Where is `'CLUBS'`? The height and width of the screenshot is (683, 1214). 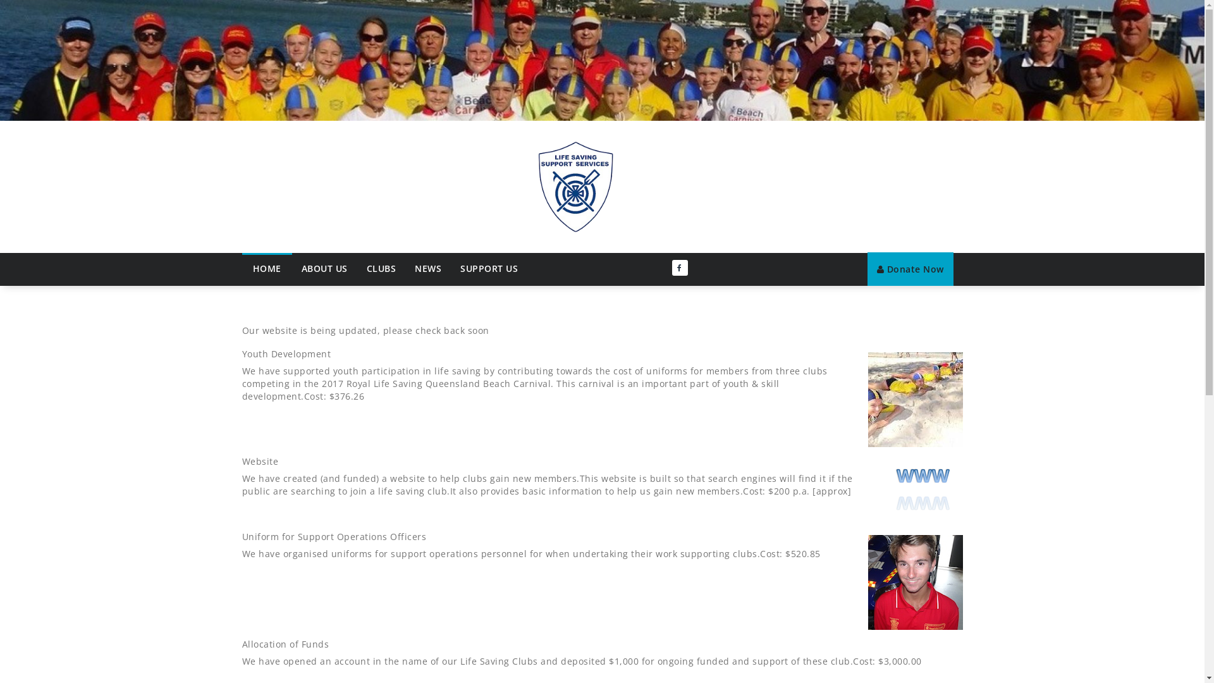 'CLUBS' is located at coordinates (380, 268).